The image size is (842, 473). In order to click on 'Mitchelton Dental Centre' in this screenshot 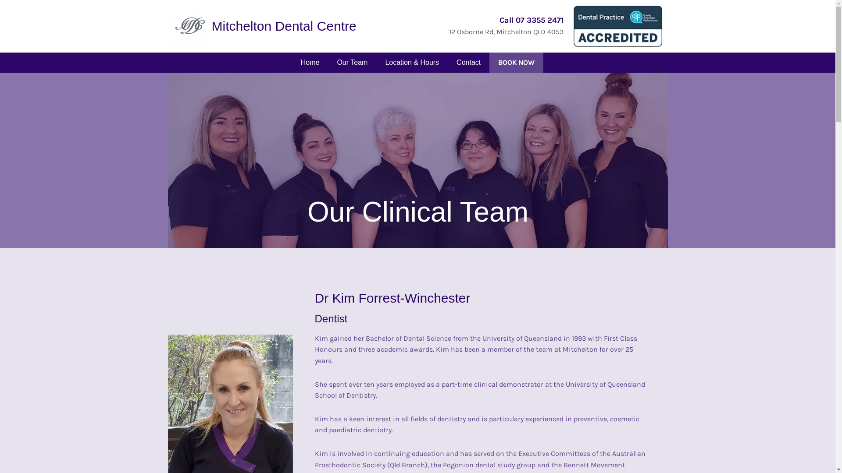, I will do `click(284, 25)`.